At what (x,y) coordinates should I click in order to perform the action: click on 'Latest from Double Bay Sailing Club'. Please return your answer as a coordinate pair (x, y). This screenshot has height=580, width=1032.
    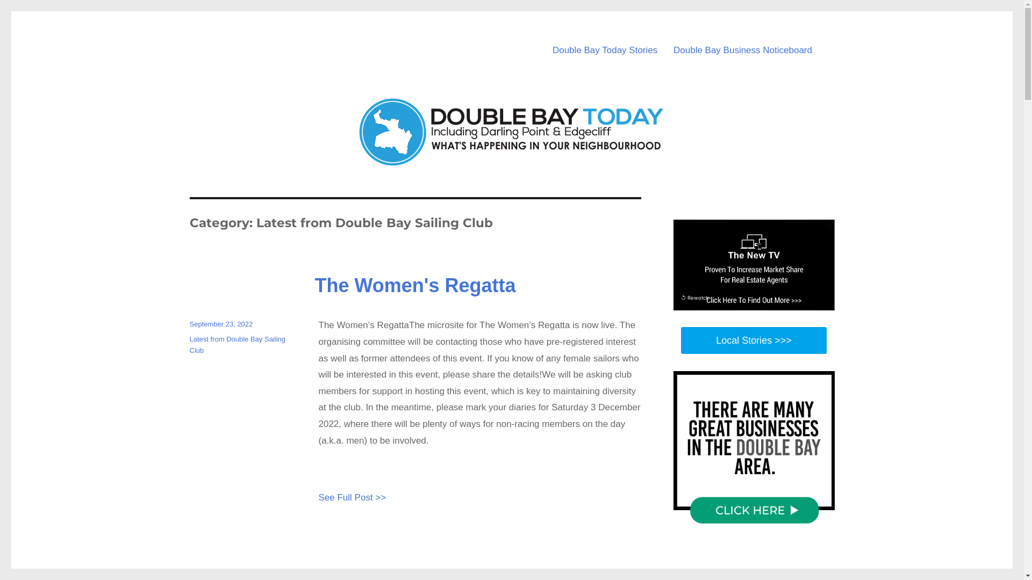
    Looking at the image, I should click on (236, 344).